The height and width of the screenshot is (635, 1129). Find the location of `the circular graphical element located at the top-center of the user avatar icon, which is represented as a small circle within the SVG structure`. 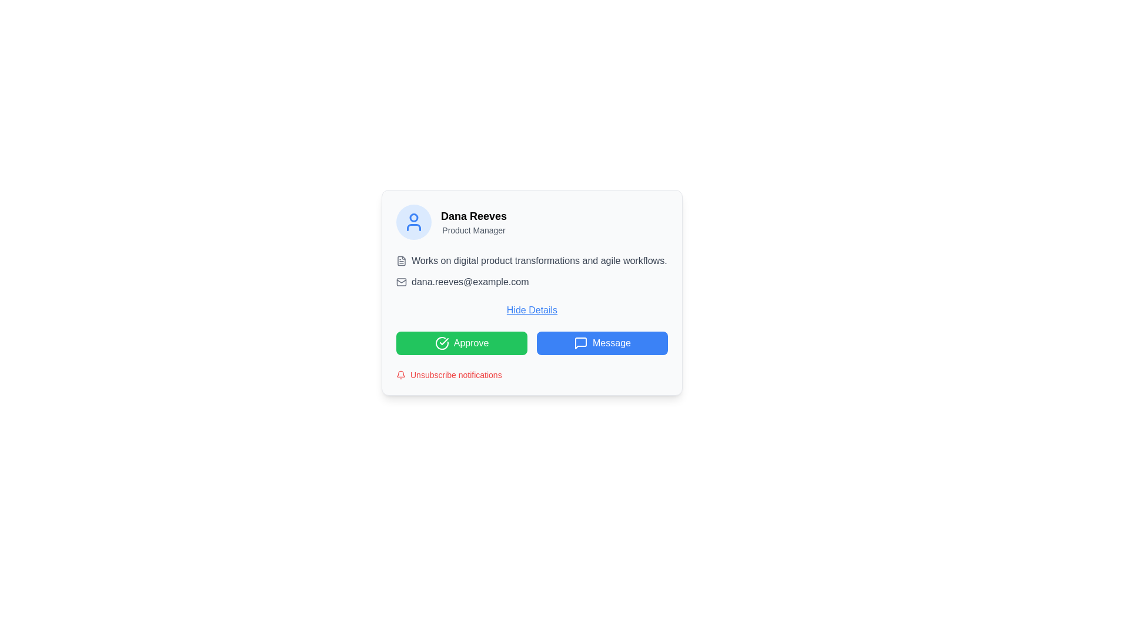

the circular graphical element located at the top-center of the user avatar icon, which is represented as a small circle within the SVG structure is located at coordinates (414, 218).